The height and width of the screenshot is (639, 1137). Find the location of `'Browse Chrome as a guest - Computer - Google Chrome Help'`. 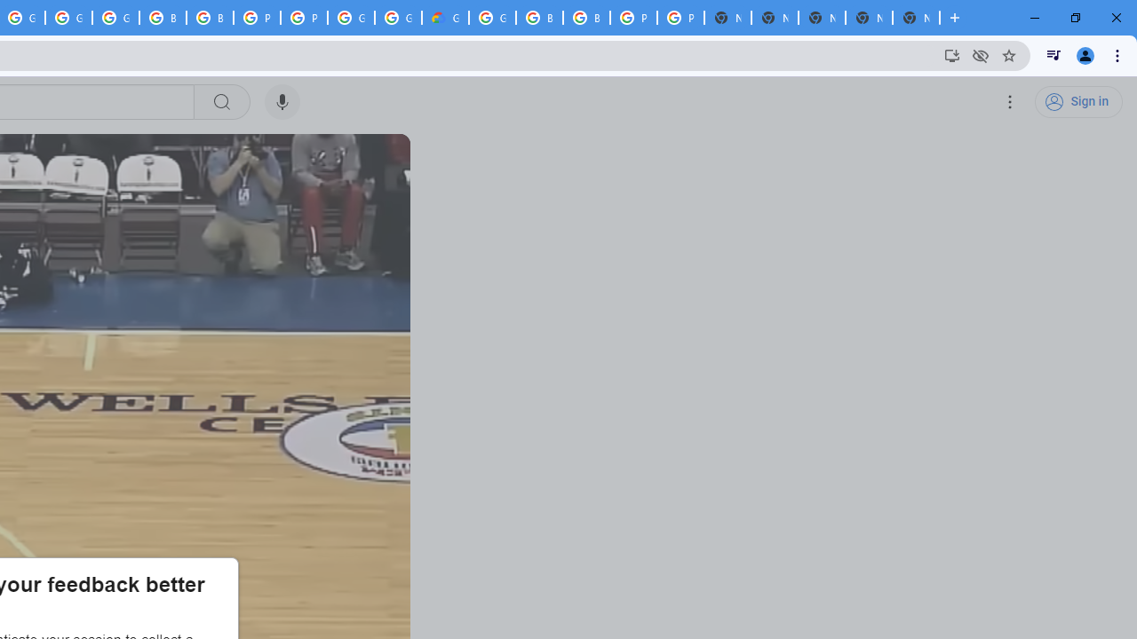

'Browse Chrome as a guest - Computer - Google Chrome Help' is located at coordinates (163, 18).